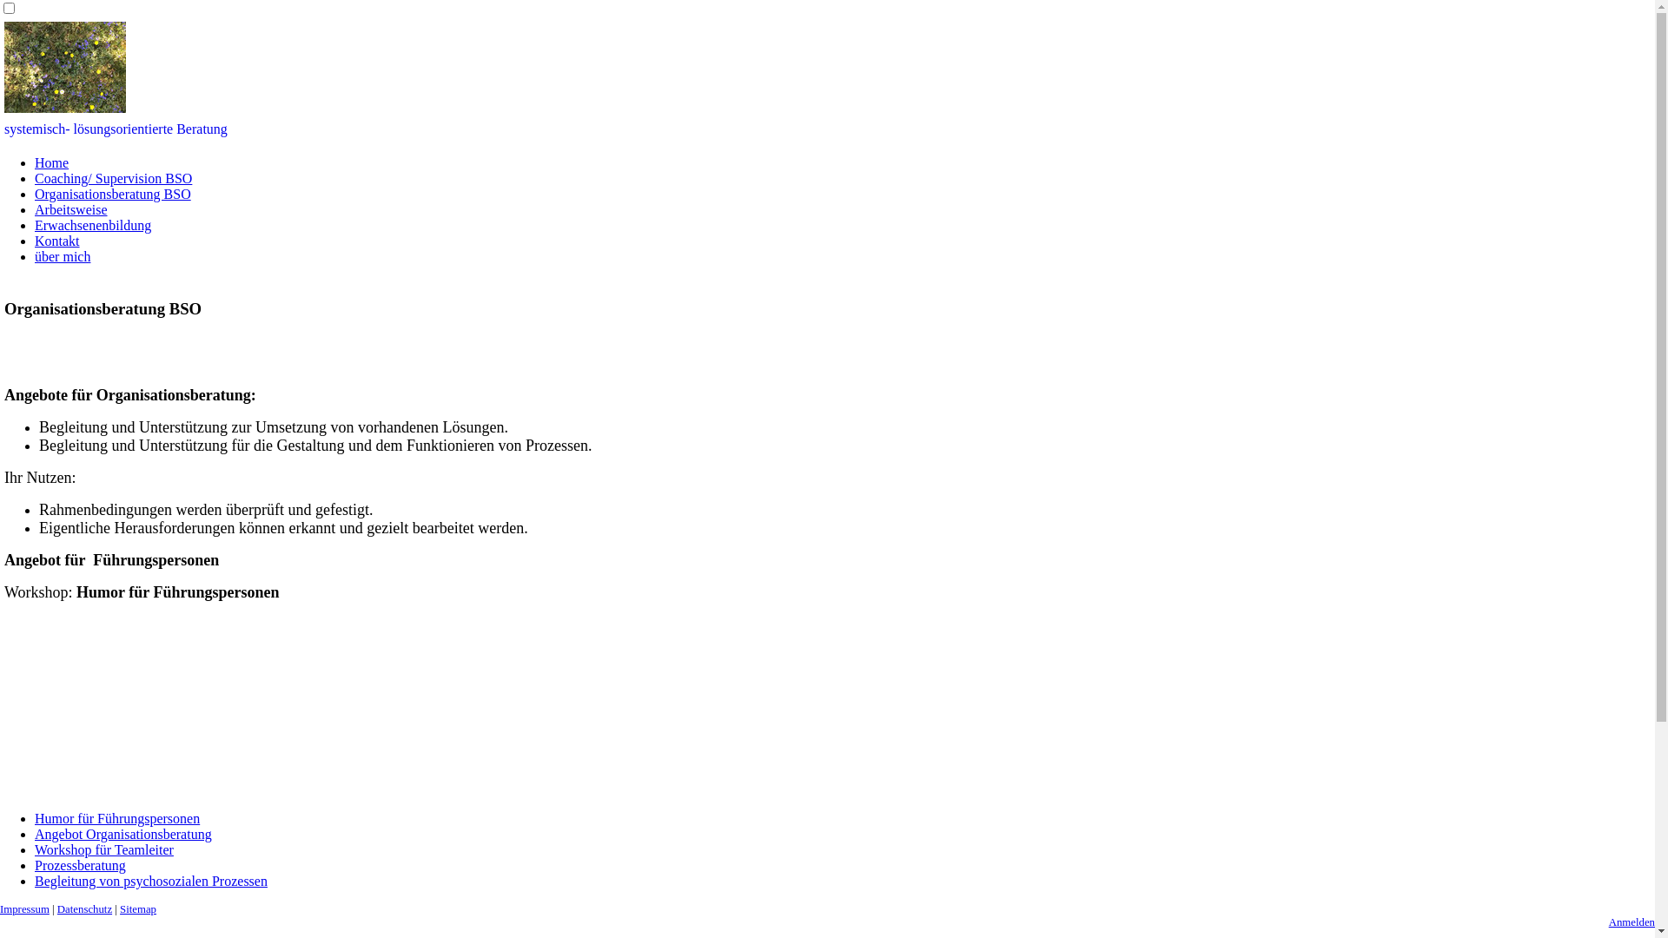  Describe the element at coordinates (51, 162) in the screenshot. I see `'Home'` at that location.